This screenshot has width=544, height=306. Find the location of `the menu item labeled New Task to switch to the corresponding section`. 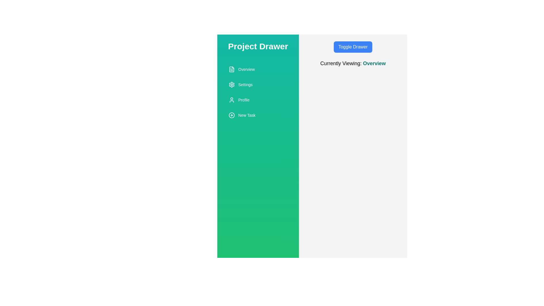

the menu item labeled New Task to switch to the corresponding section is located at coordinates (258, 115).